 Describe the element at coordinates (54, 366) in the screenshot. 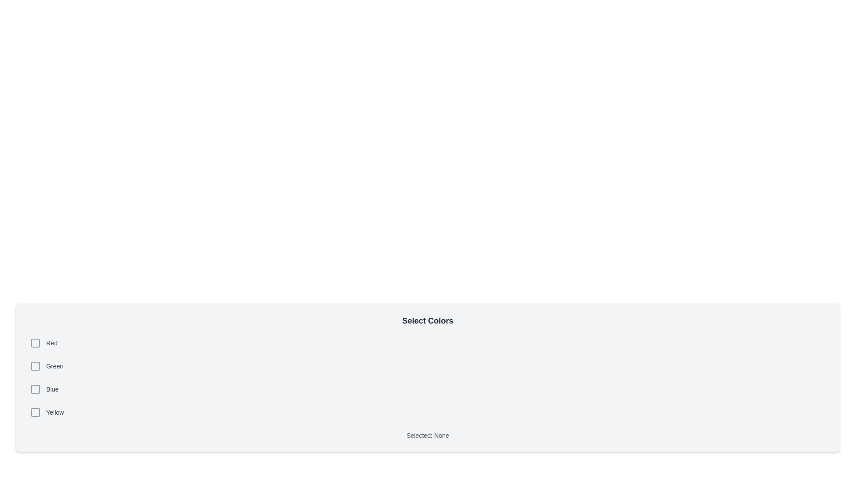

I see `the text label displaying 'Green', which is the second item in a vertically stacked menu, immediately following 'Red' and preceding 'Blue'` at that location.